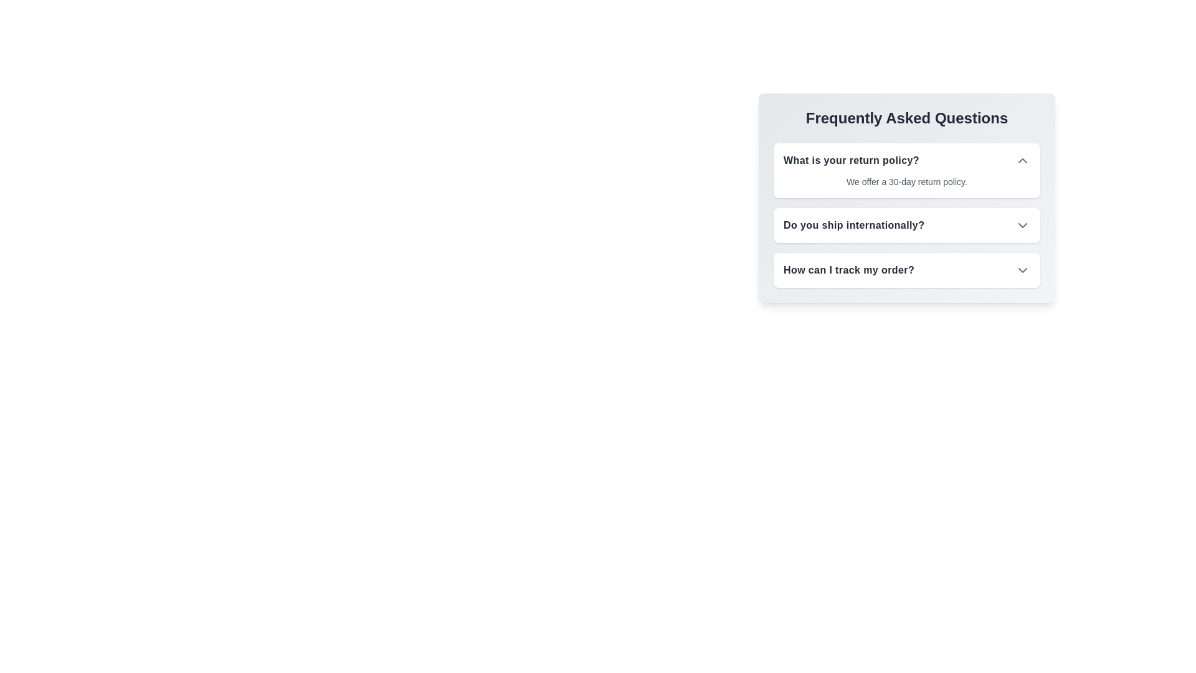 This screenshot has height=673, width=1196. What do you see at coordinates (1022, 160) in the screenshot?
I see `the FAQ question What is your return policy? to toggle its answer` at bounding box center [1022, 160].